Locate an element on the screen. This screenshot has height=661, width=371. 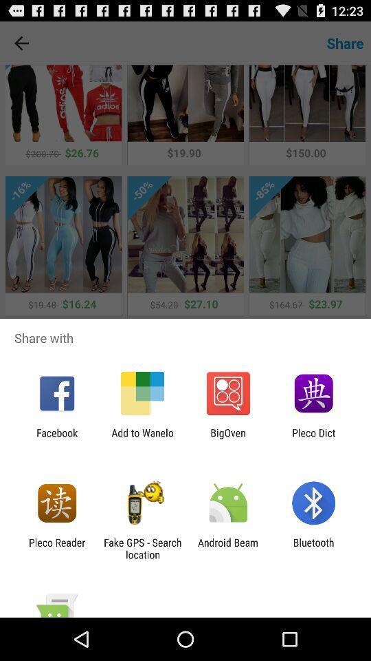
add to wanelo item is located at coordinates (142, 438).